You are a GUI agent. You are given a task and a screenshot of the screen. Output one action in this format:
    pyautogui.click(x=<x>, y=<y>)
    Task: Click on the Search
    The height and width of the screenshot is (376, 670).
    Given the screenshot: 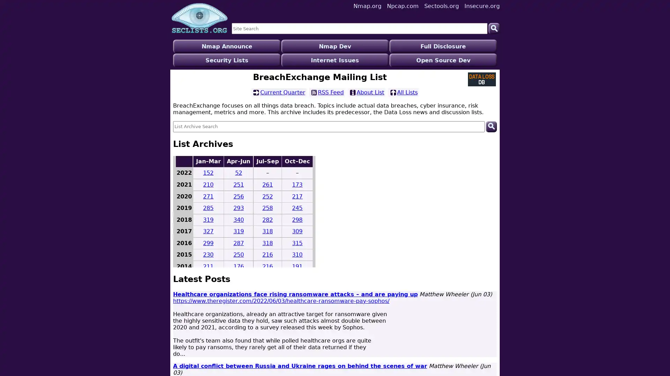 What is the action you would take?
    pyautogui.click(x=491, y=112)
    